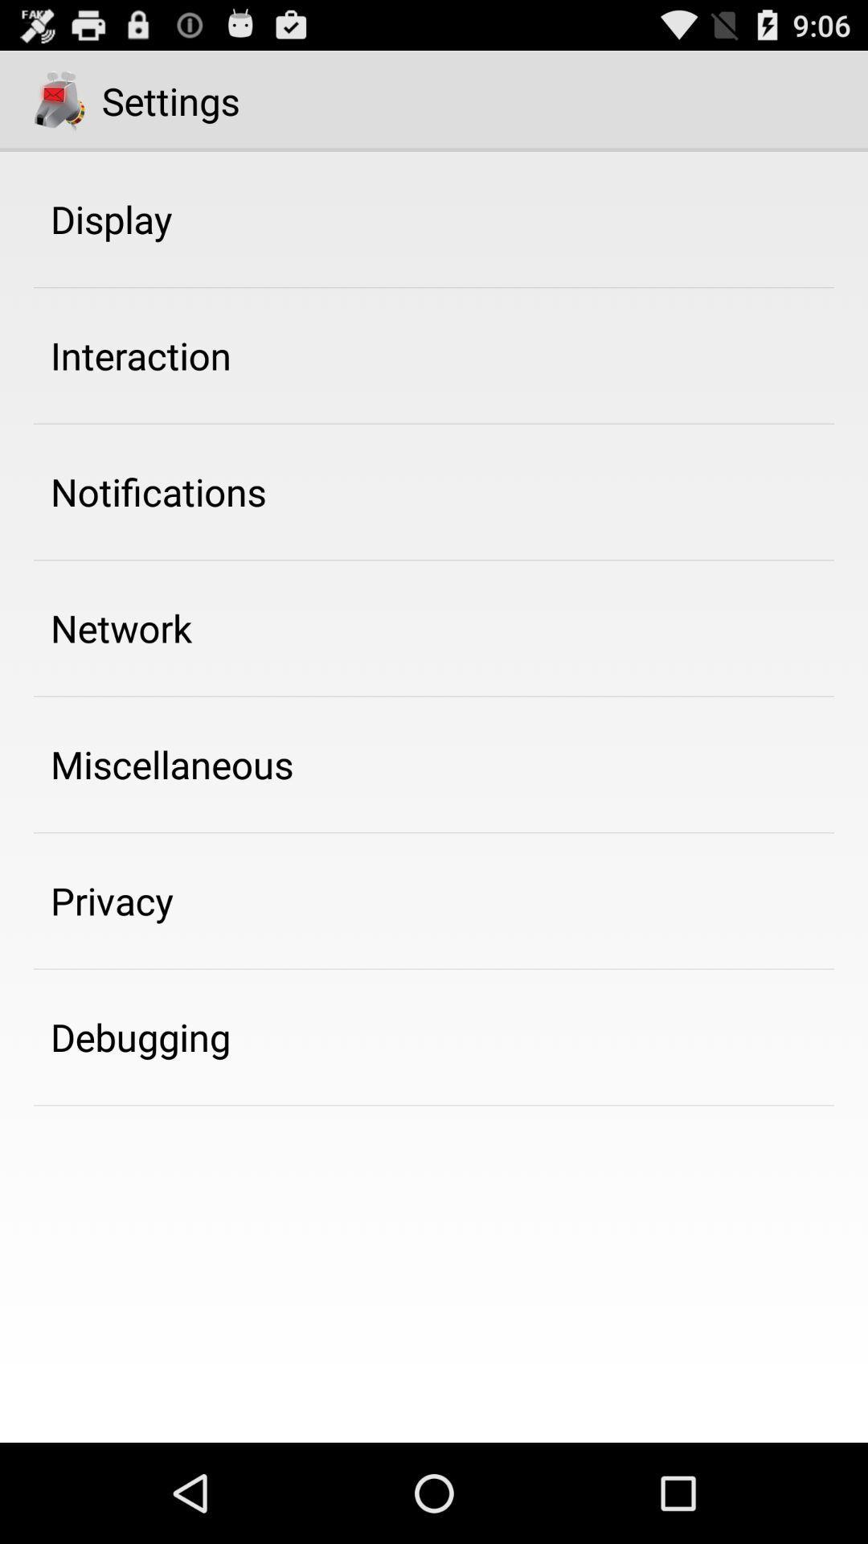 This screenshot has height=1544, width=868. What do you see at coordinates (110, 218) in the screenshot?
I see `display app` at bounding box center [110, 218].